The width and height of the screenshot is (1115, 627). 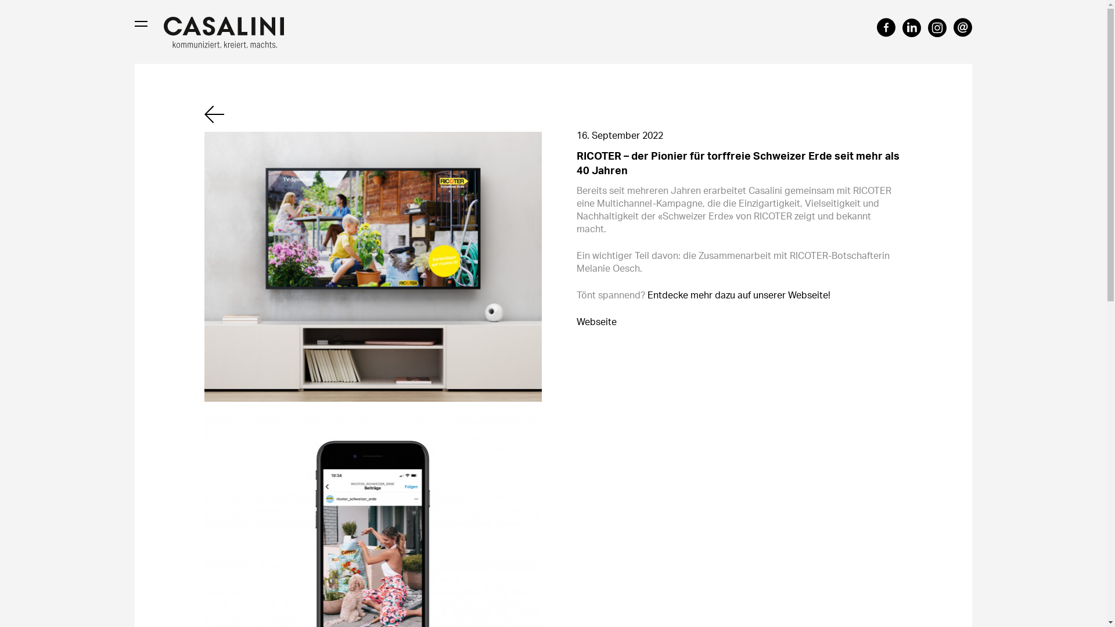 What do you see at coordinates (596, 322) in the screenshot?
I see `'Webseite'` at bounding box center [596, 322].